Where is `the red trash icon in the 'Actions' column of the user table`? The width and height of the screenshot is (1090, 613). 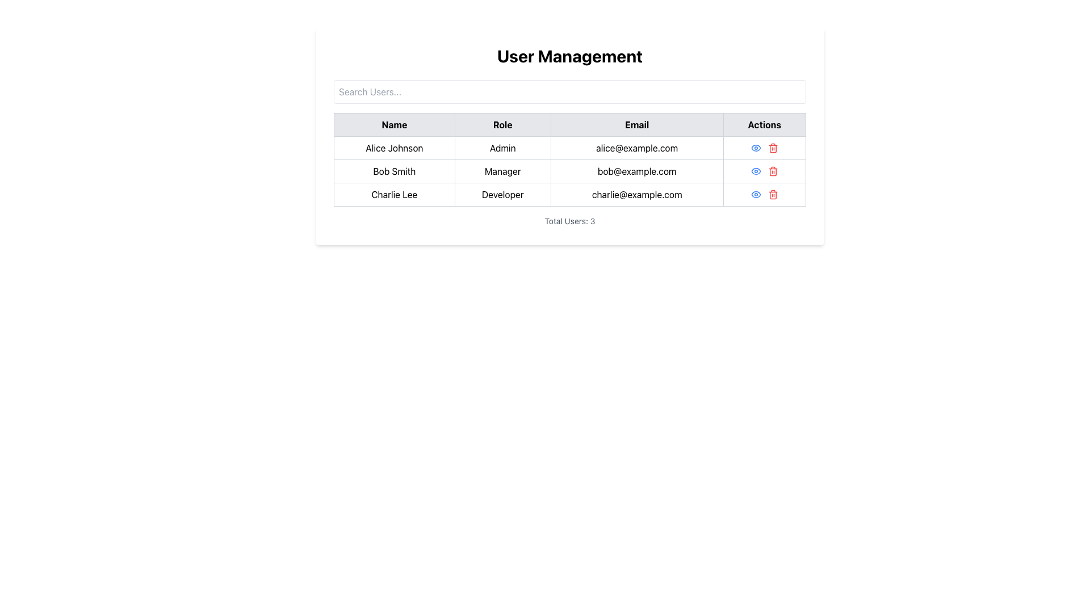 the red trash icon in the 'Actions' column of the user table is located at coordinates (772, 171).